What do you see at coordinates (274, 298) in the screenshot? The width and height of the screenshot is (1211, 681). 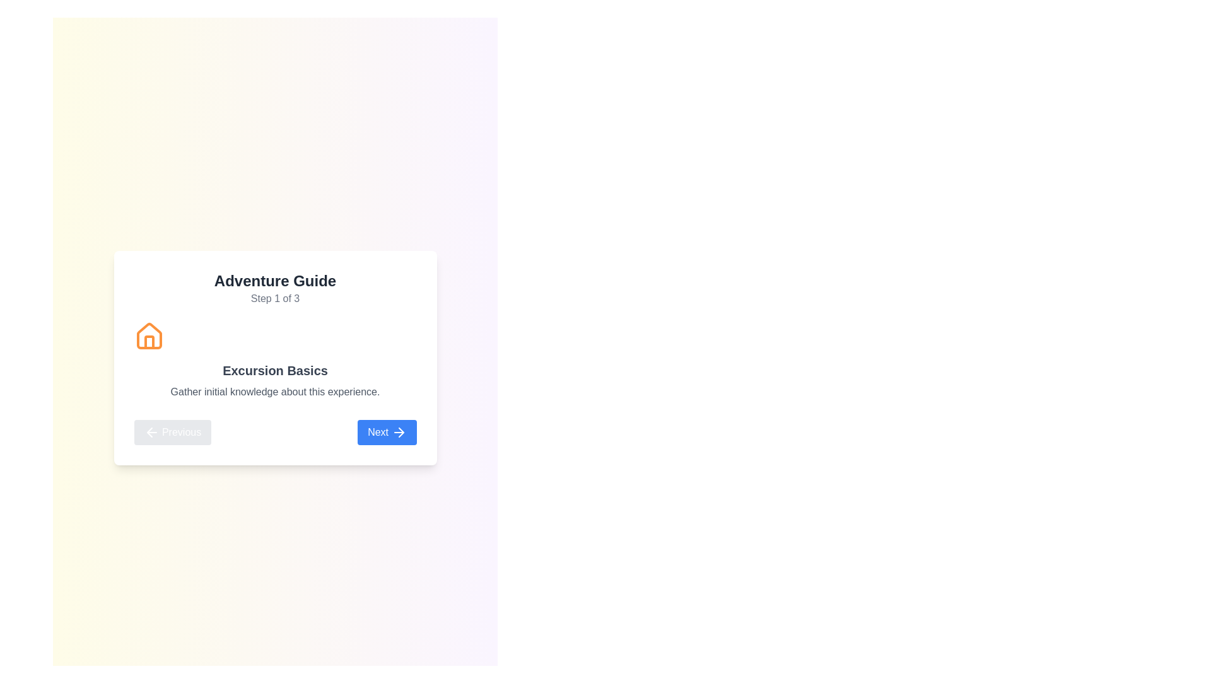 I see `contextual information text label indicating the current step in the three-step process, located below the 'Adventure Guide' title text` at bounding box center [274, 298].